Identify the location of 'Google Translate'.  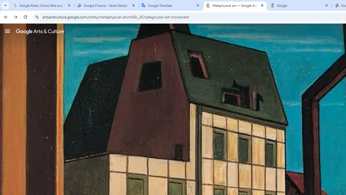
(171, 5).